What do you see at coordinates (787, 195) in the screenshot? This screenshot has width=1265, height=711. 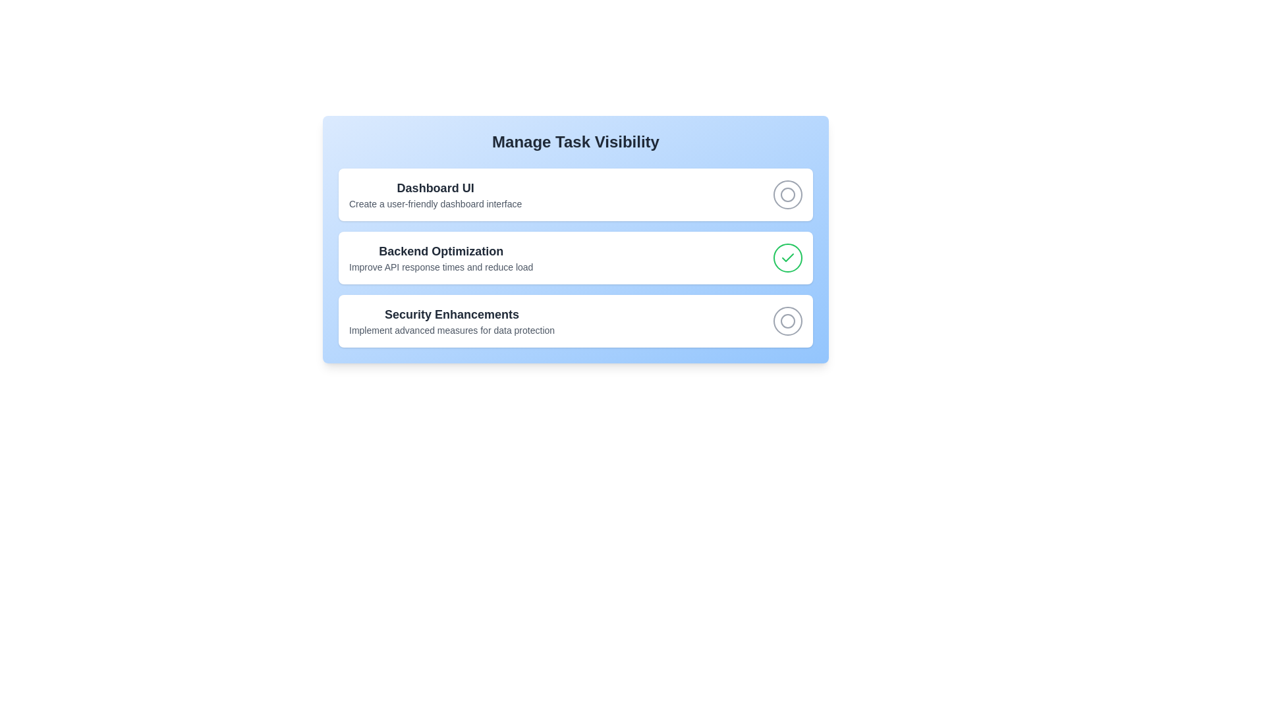 I see `the unselected SVG-based circular icon located to the right of the 'Dashboard UI' text in the first task option under 'Manage Task Visibility'` at bounding box center [787, 195].